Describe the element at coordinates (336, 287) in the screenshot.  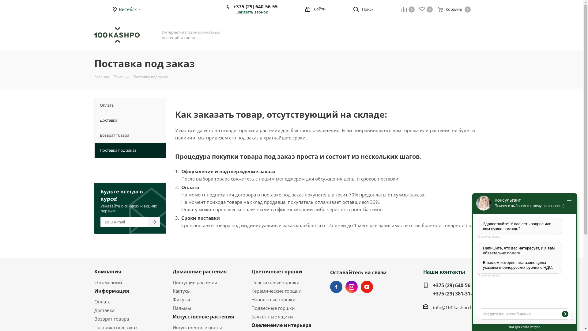
I see `'Facebook'` at that location.